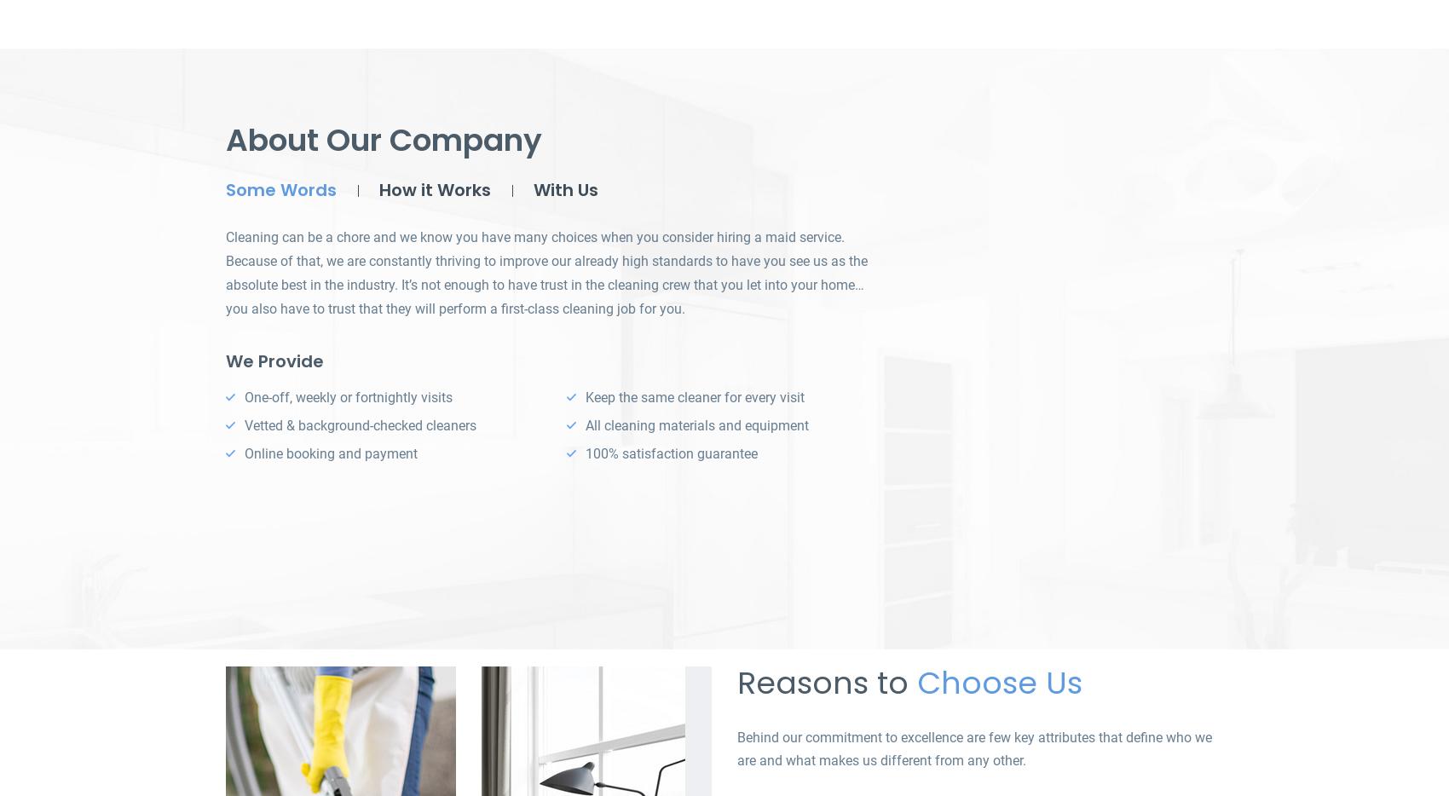 This screenshot has width=1449, height=796. Describe the element at coordinates (244, 453) in the screenshot. I see `'Online booking and payment'` at that location.